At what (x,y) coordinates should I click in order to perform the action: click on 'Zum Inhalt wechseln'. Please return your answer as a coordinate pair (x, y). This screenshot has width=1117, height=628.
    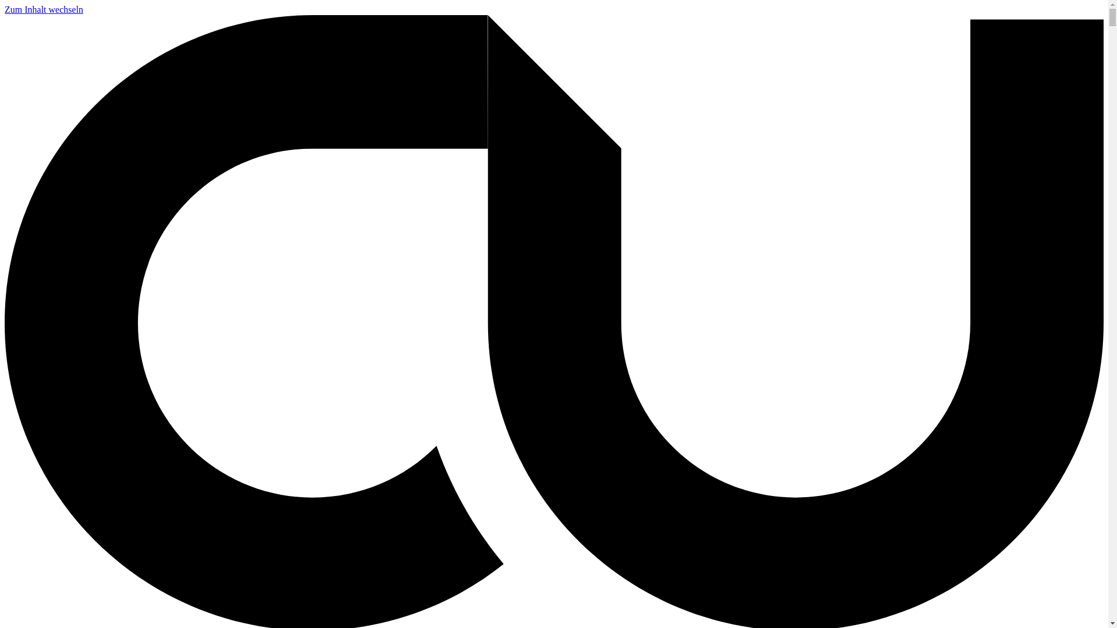
    Looking at the image, I should click on (44, 9).